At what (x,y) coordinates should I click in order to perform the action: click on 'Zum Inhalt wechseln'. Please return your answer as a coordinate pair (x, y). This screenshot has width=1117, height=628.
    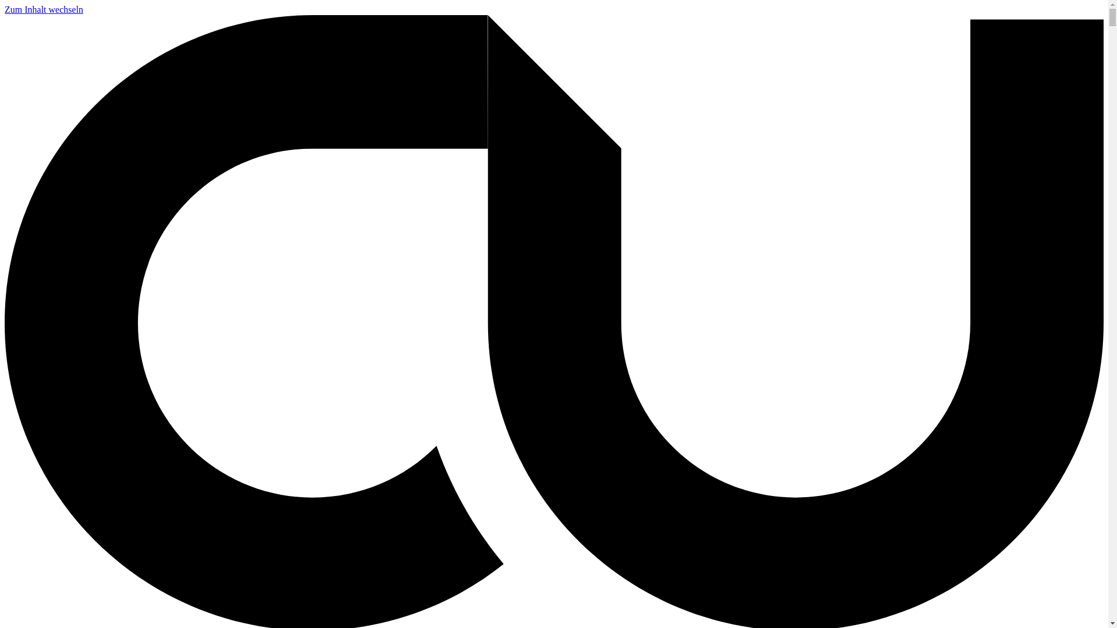
    Looking at the image, I should click on (44, 9).